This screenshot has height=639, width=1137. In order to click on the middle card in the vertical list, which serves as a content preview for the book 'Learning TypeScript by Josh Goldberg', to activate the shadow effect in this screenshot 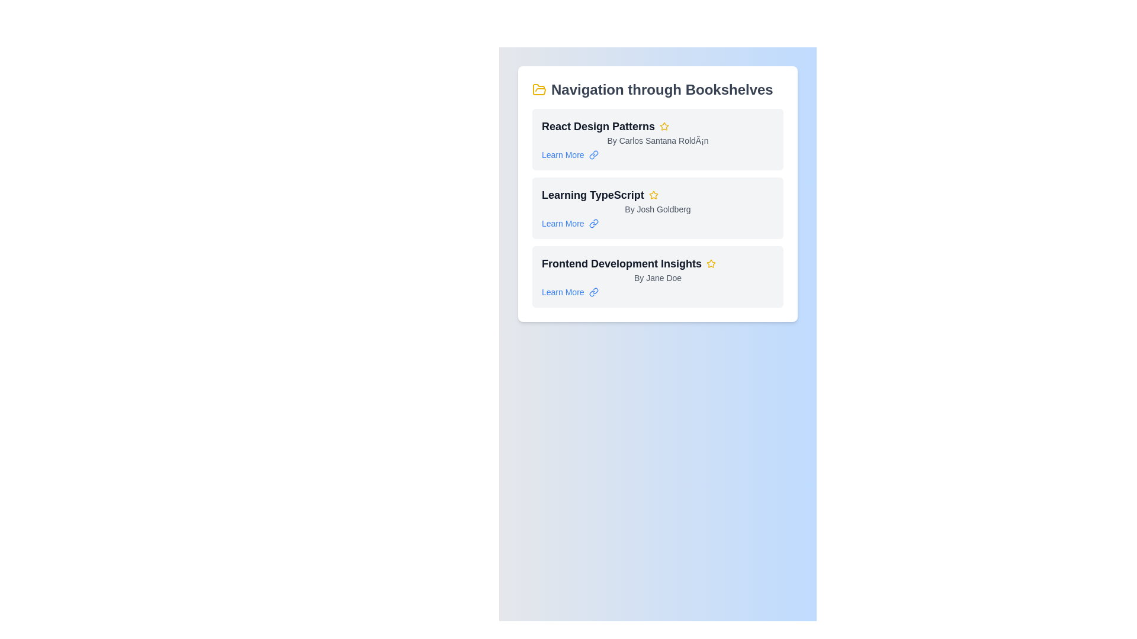, I will do `click(657, 207)`.